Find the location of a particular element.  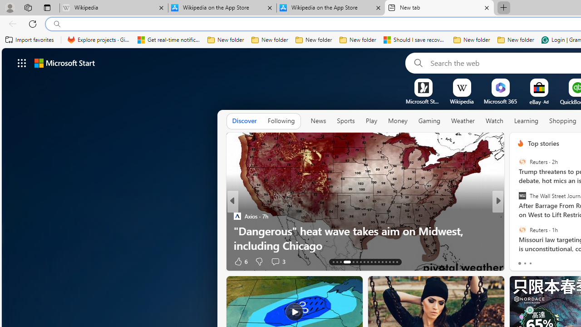

'AutomationID: tab-26' is located at coordinates (386, 262).